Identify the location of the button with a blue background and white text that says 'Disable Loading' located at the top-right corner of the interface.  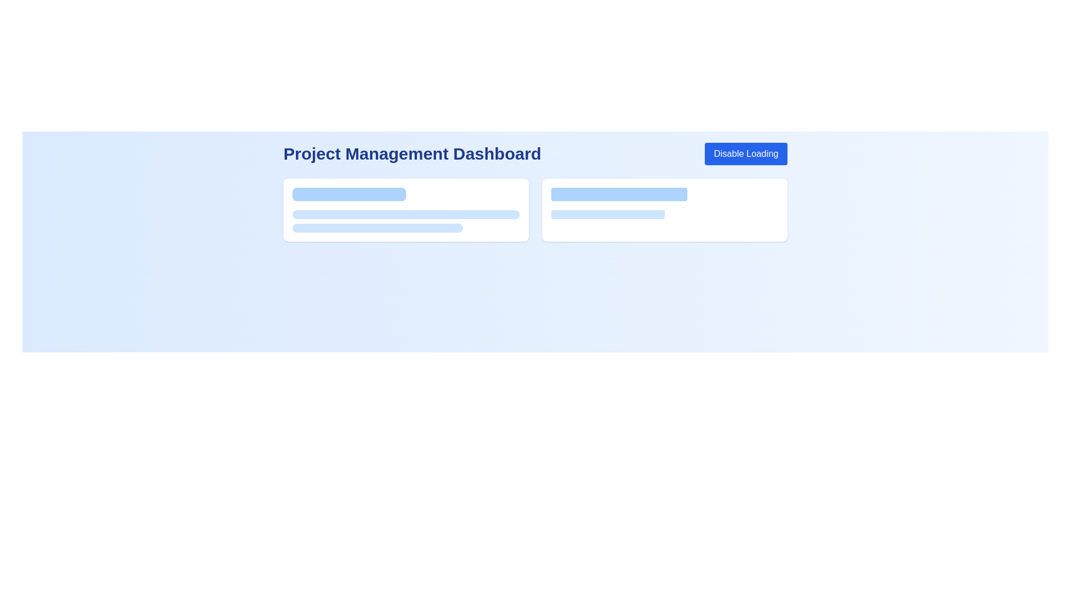
(746, 153).